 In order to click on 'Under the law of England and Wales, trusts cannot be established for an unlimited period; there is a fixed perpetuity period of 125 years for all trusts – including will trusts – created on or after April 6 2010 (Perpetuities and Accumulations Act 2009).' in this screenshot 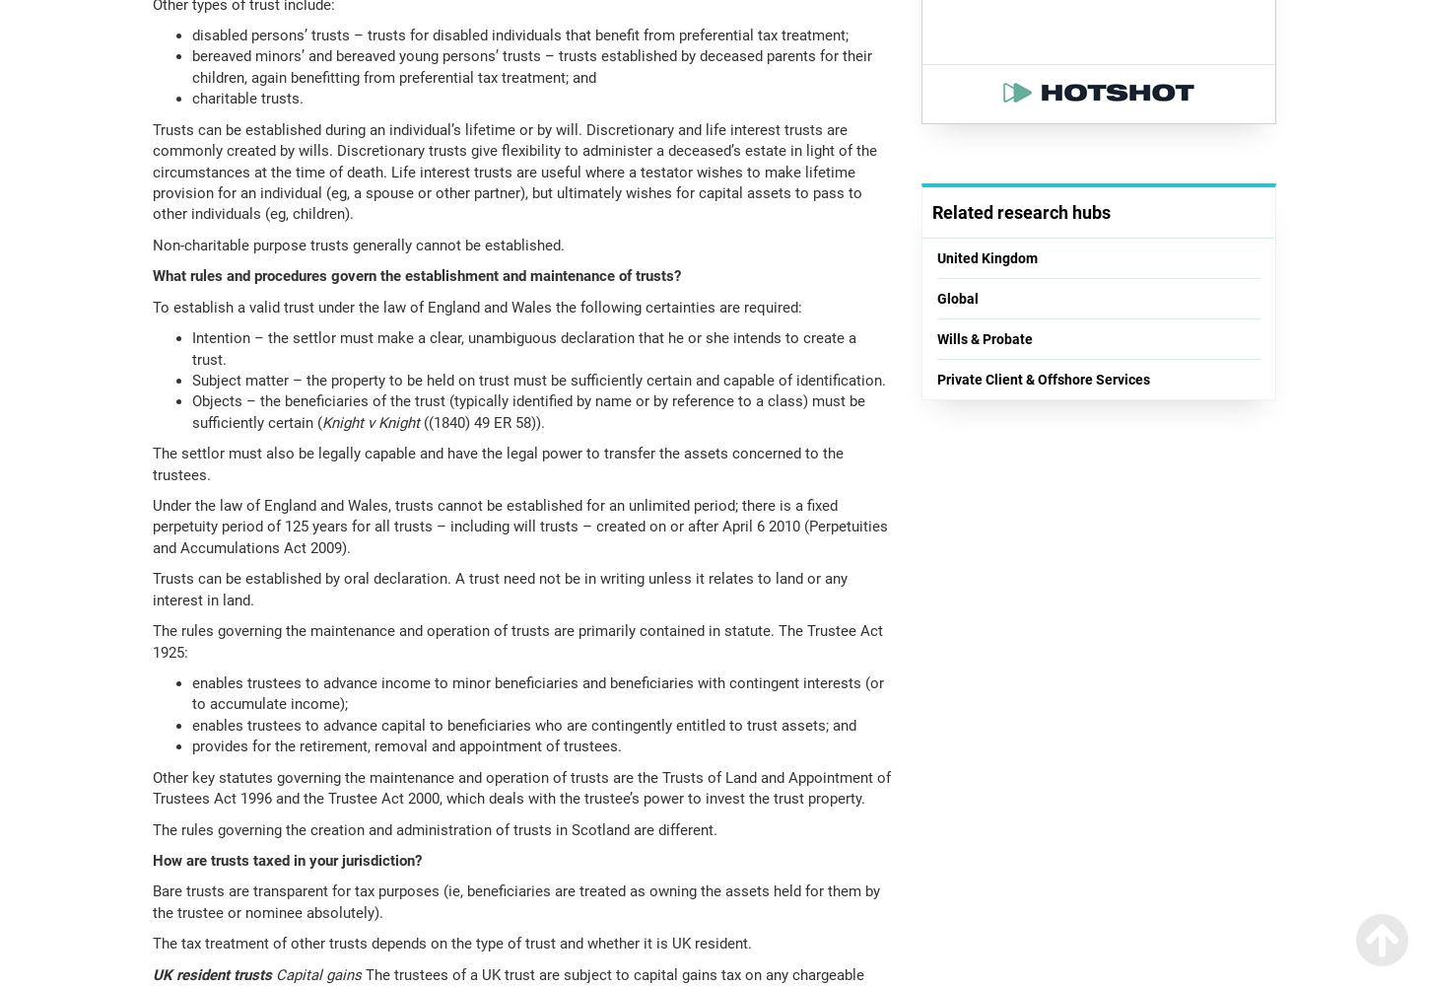, I will do `click(519, 526)`.